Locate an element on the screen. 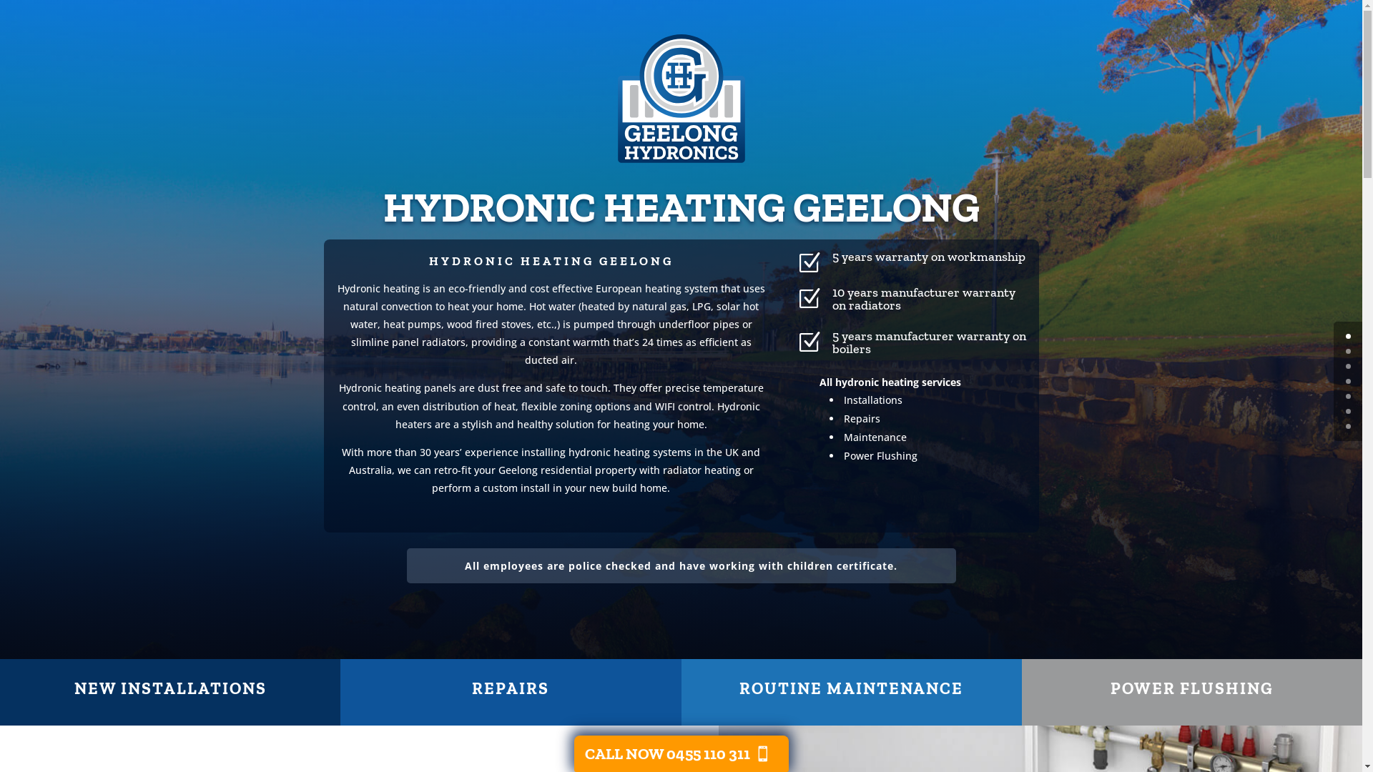 The height and width of the screenshot is (772, 1373). '6' is located at coordinates (1344, 425).